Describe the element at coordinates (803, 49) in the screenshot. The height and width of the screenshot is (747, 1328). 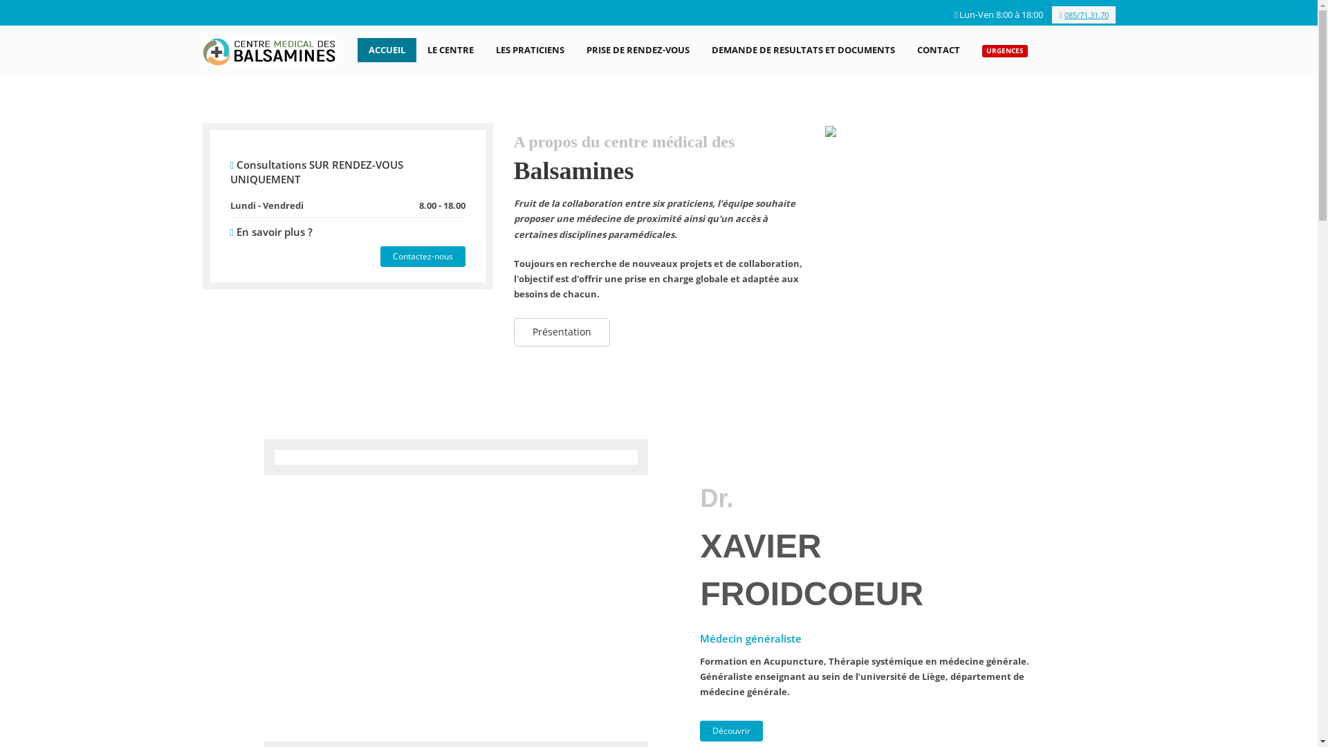
I see `'DEMANDE DE RESULTATS ET DOCUMENTS'` at that location.